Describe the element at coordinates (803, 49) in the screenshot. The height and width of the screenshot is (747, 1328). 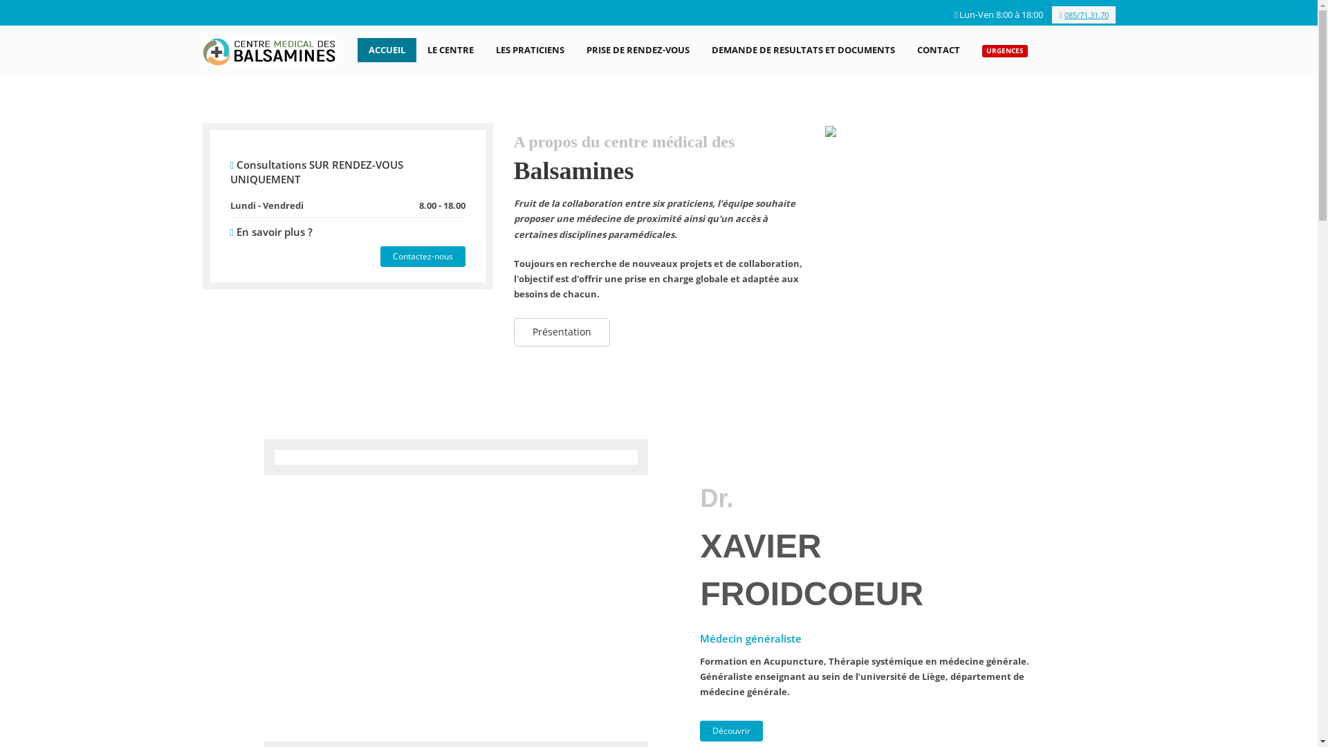
I see `'DEMANDE DE RESULTATS ET DOCUMENTS'` at that location.